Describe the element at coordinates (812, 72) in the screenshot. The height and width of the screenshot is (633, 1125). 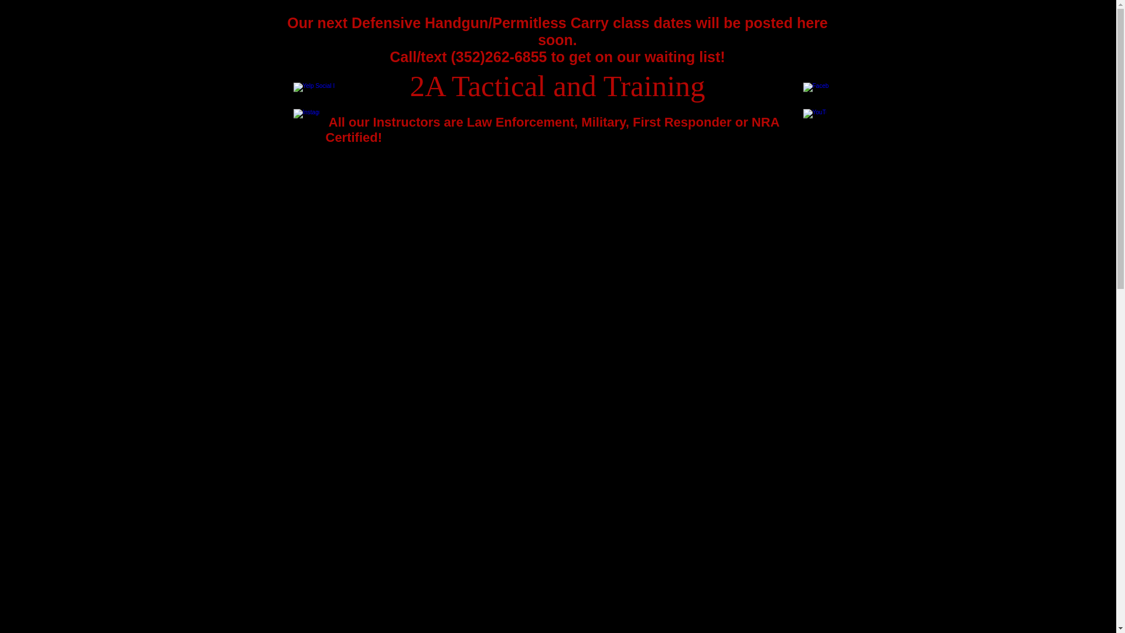
I see `'Facebook Like'` at that location.